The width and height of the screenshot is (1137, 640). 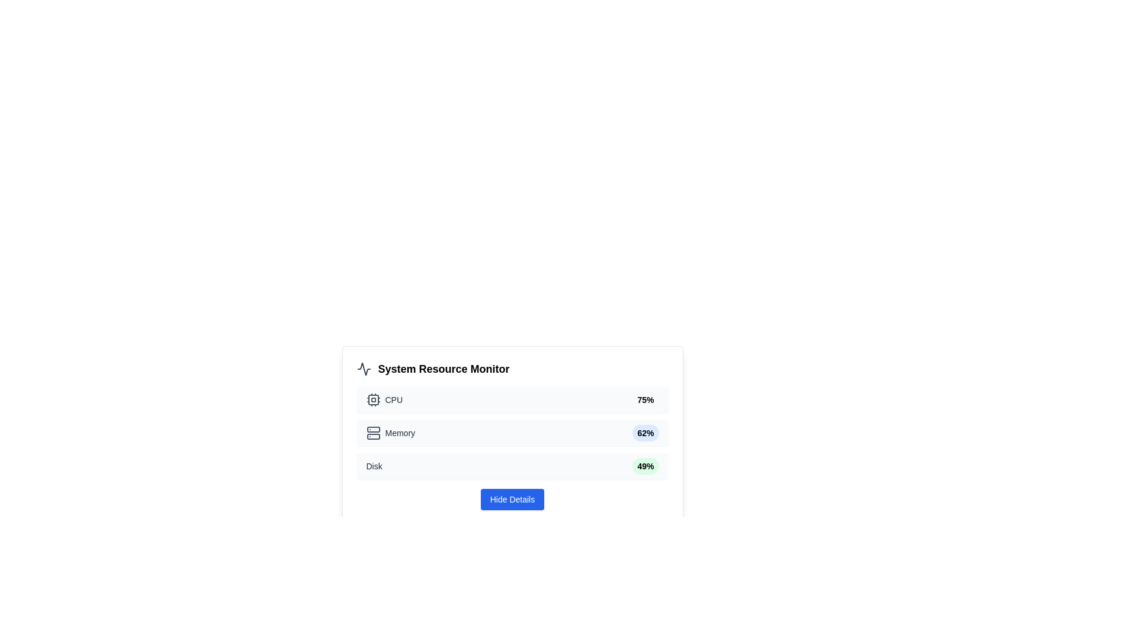 I want to click on the rounded badge with a light blue background and the text '62%' in bold dark blue color located in the 'Memory' section of the resource monitor, so click(x=645, y=433).